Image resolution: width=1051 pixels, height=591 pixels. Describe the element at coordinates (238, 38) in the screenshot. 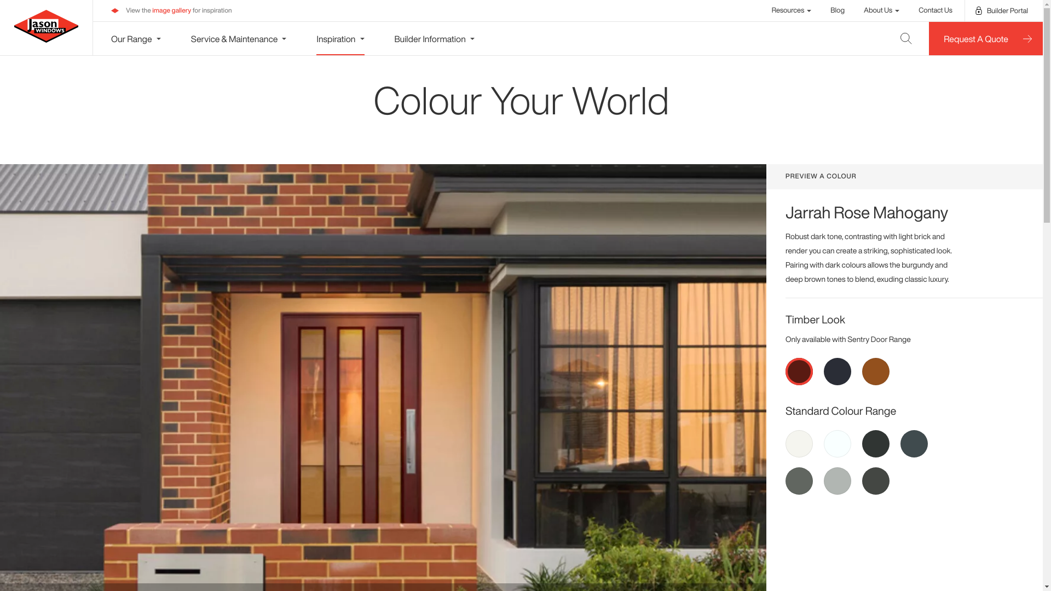

I see `'Service & Maintenance'` at that location.